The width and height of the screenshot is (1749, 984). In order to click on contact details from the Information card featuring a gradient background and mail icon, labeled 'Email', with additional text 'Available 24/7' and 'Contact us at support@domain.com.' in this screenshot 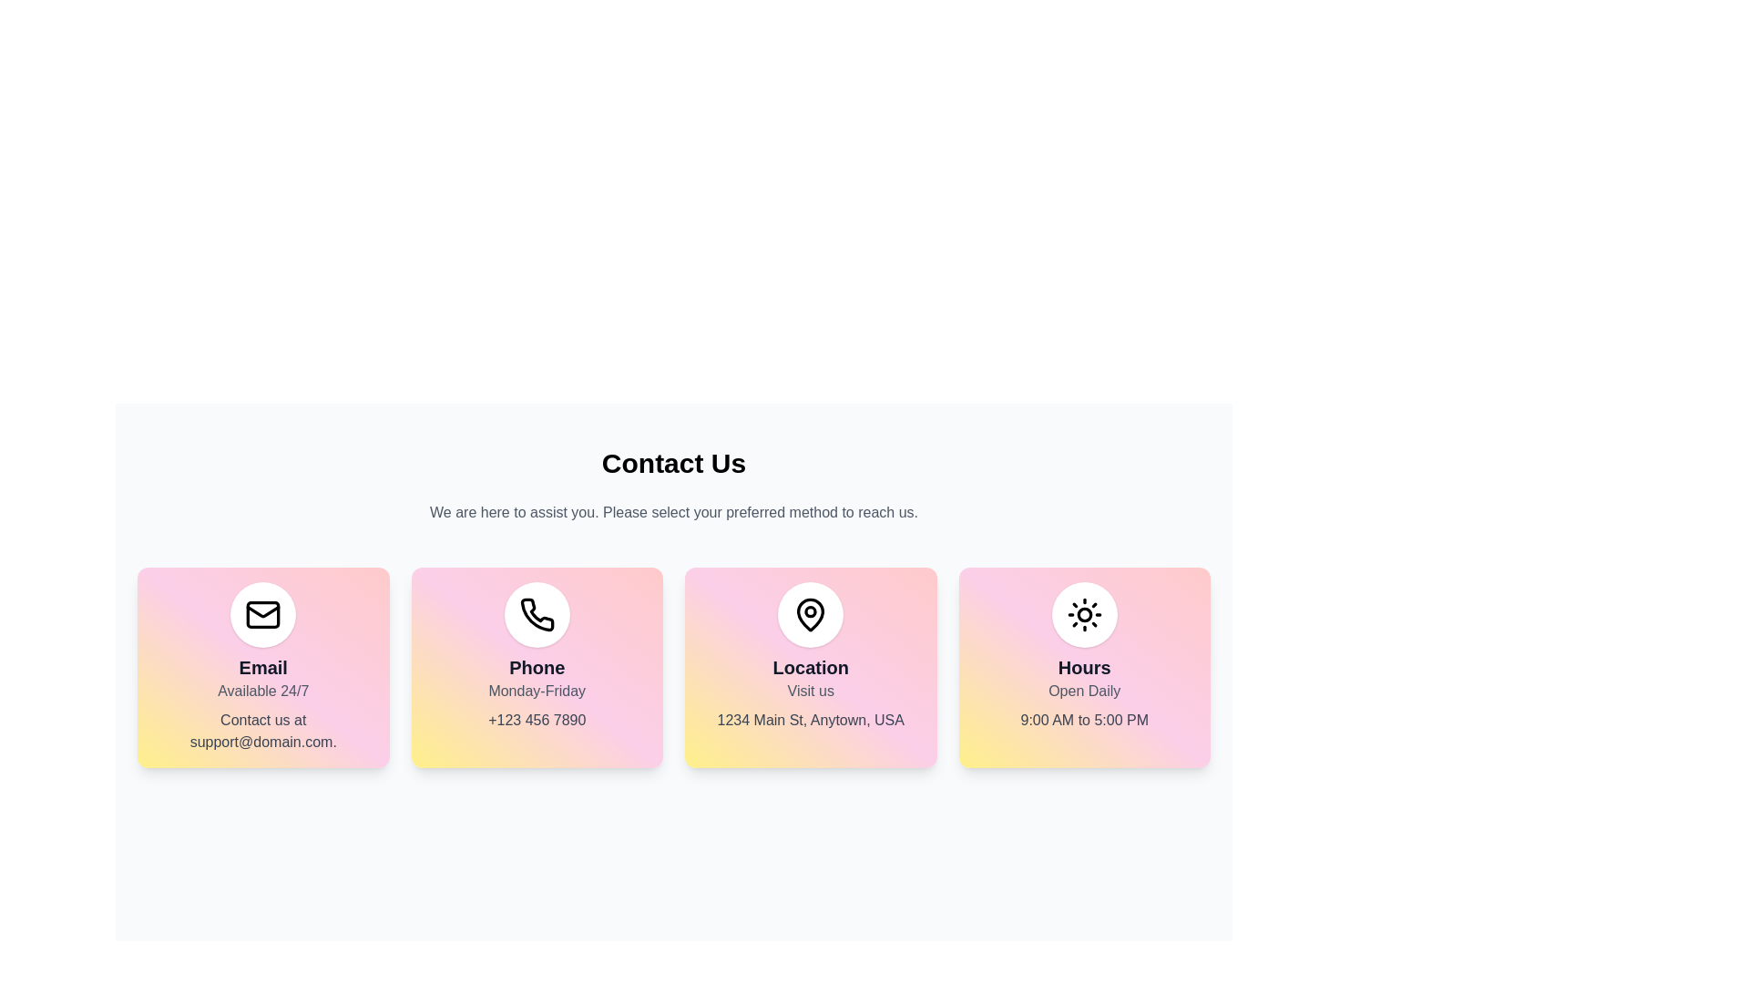, I will do `click(262, 667)`.